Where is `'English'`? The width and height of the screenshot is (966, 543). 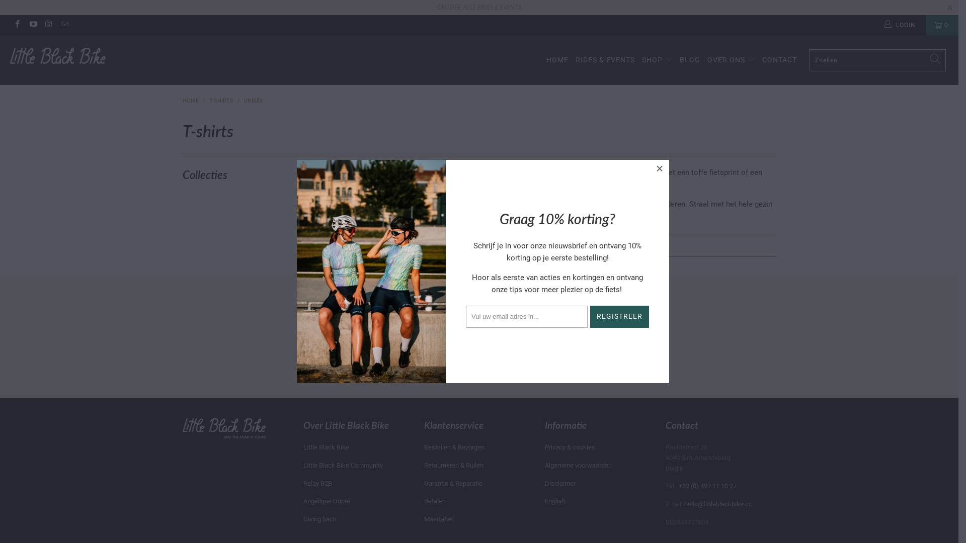
'English' is located at coordinates (554, 501).